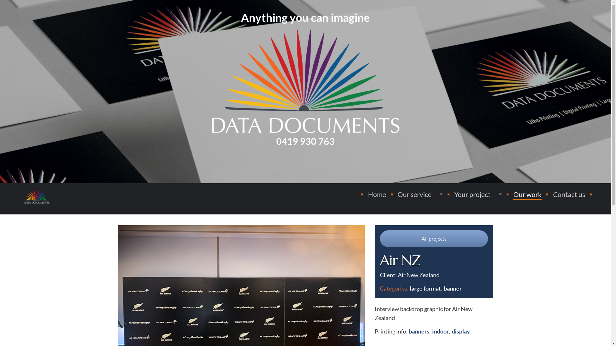  What do you see at coordinates (451, 331) in the screenshot?
I see `'display'` at bounding box center [451, 331].